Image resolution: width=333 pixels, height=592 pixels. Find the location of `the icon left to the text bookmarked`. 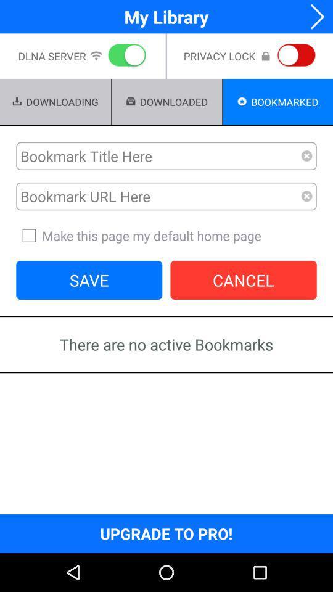

the icon left to the text bookmarked is located at coordinates (242, 101).